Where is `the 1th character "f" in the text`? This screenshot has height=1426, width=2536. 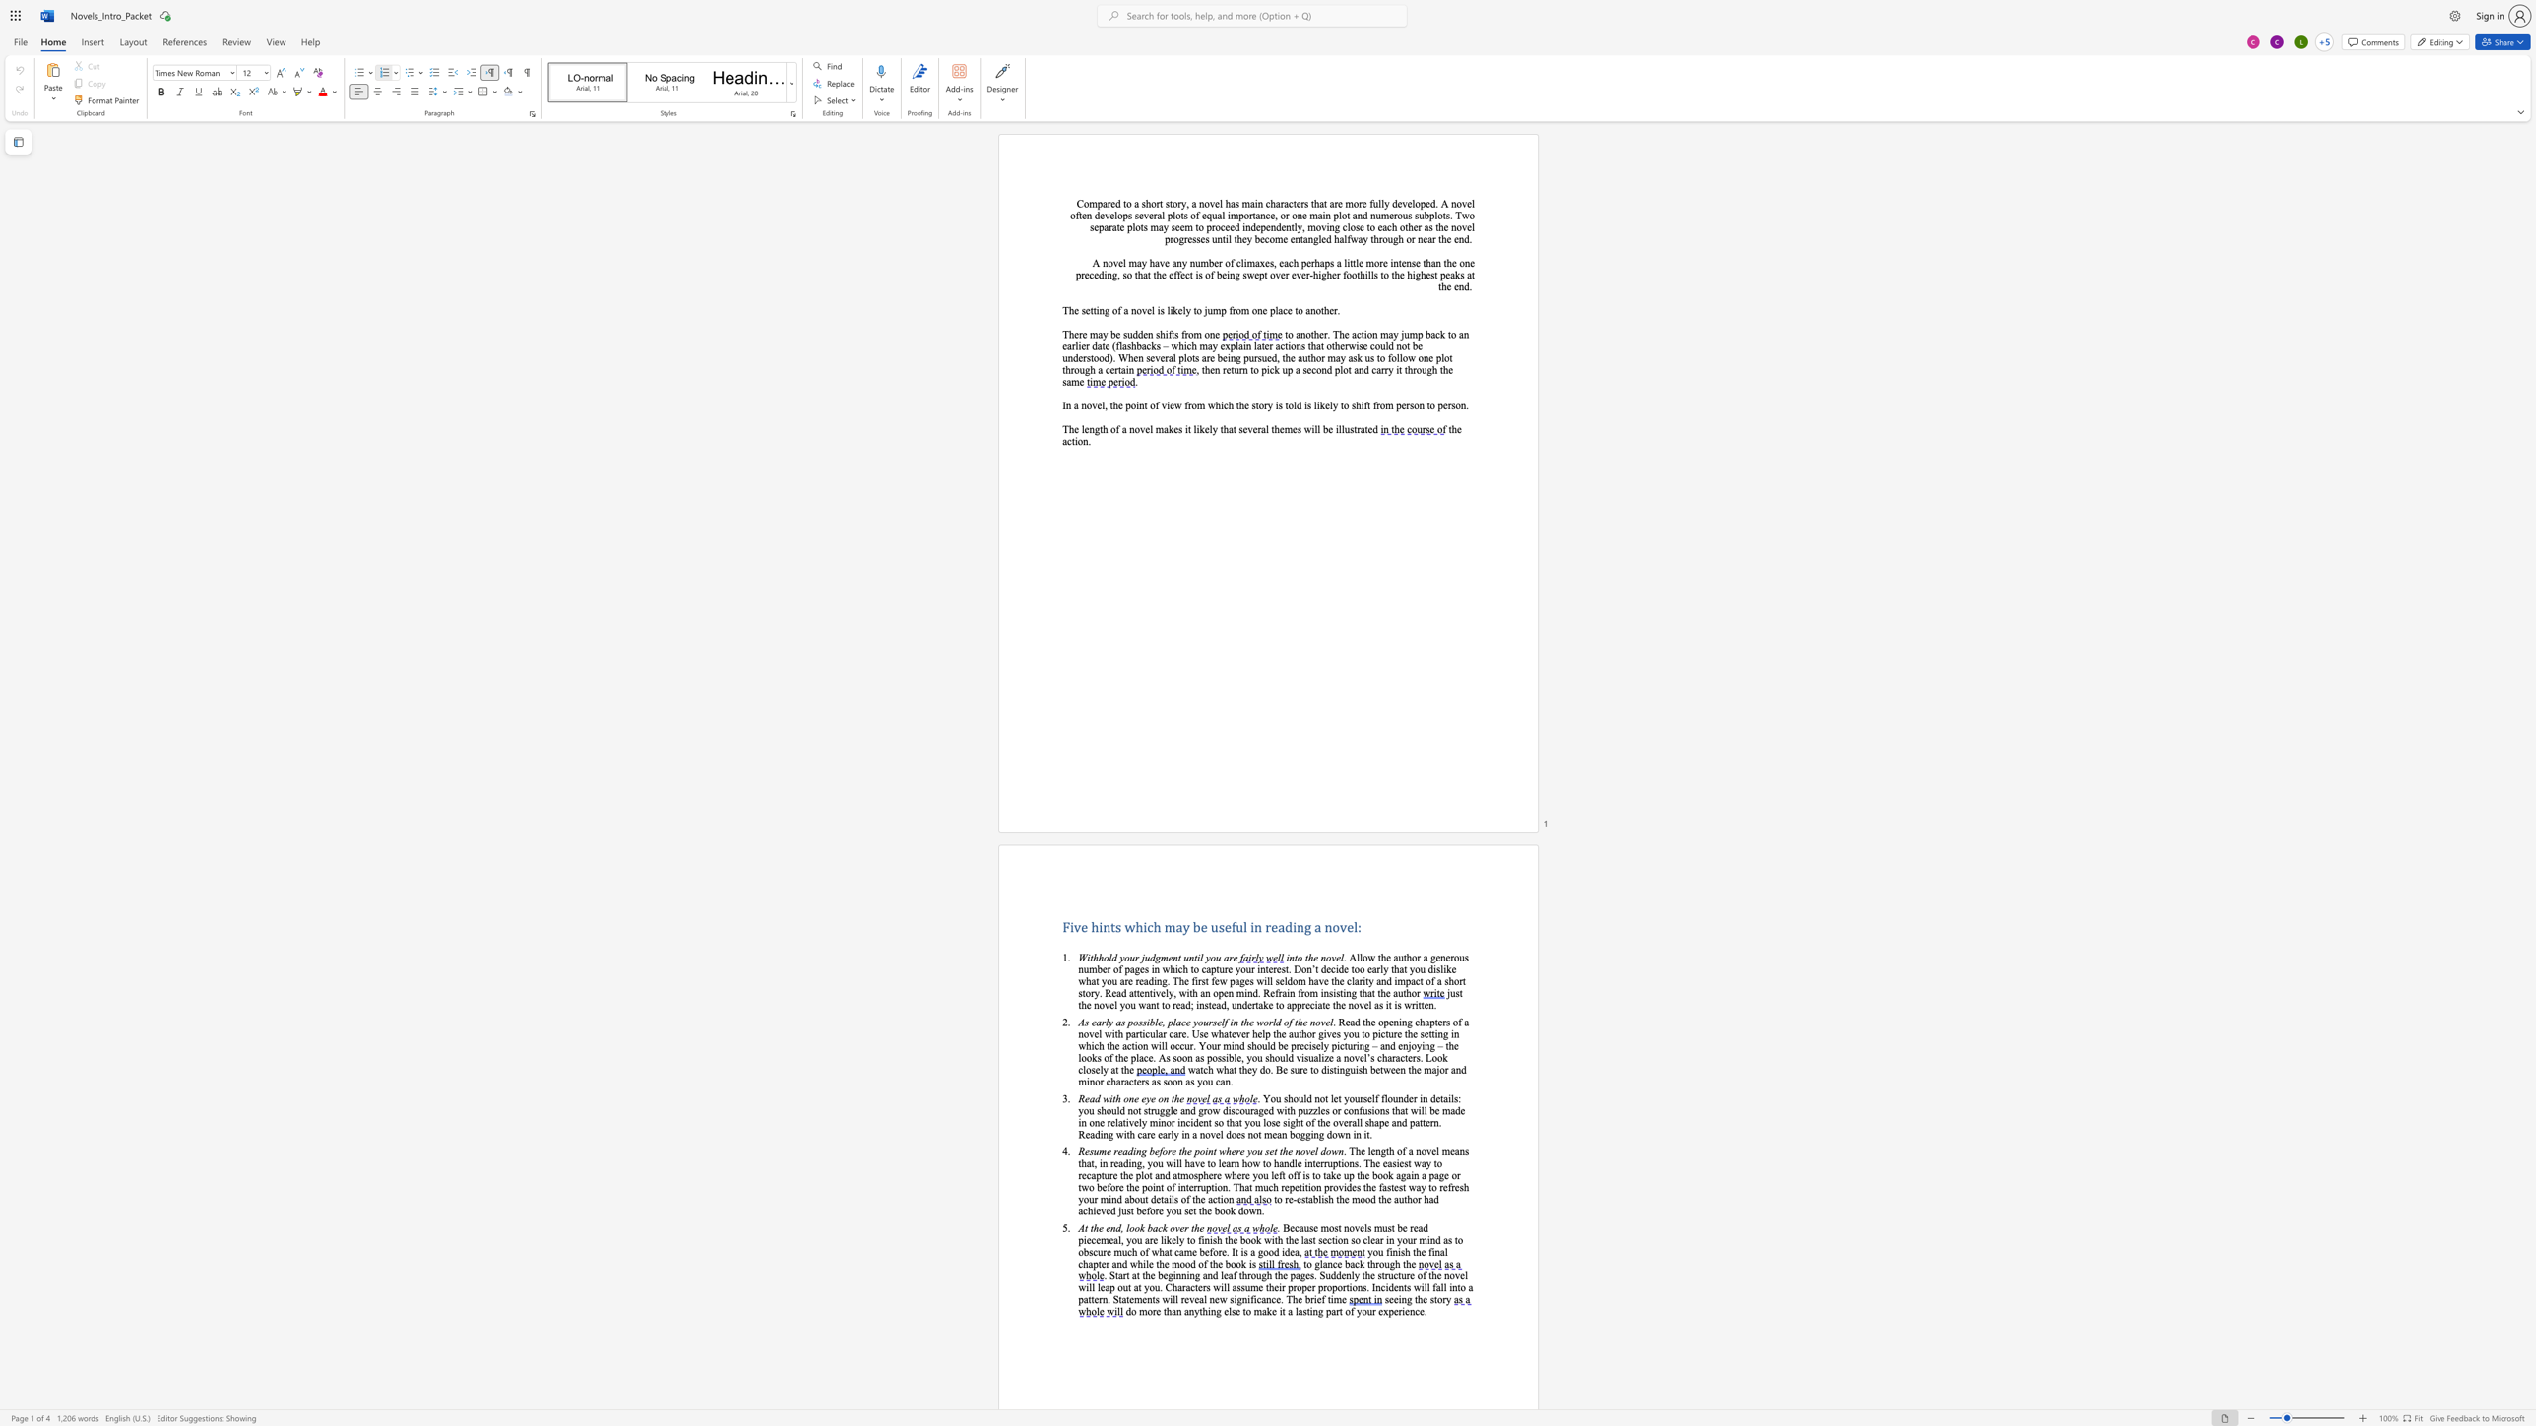
the 1th character "f" in the text is located at coordinates (1147, 1210).